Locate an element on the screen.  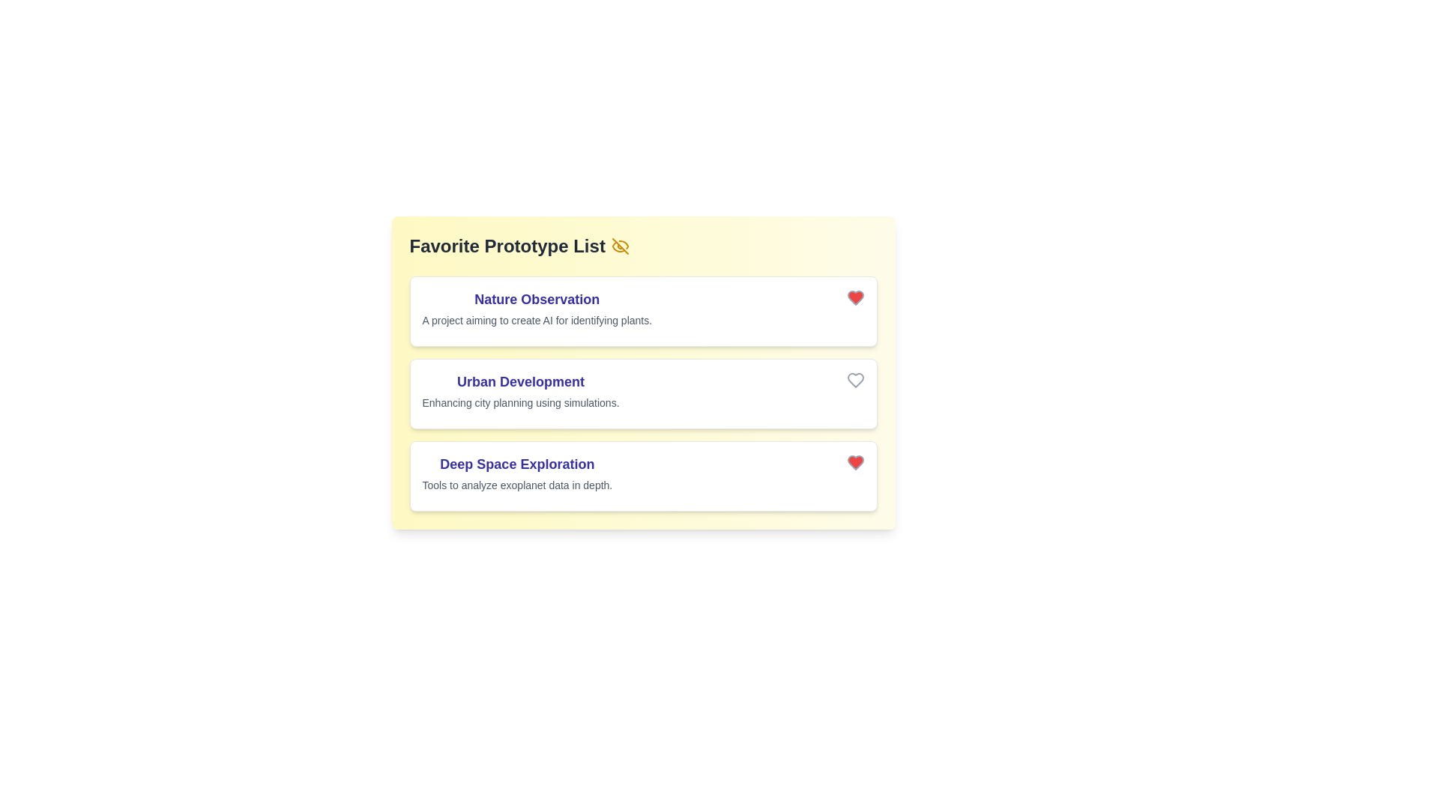
the list item corresponding to Nature Observation is located at coordinates (643, 311).